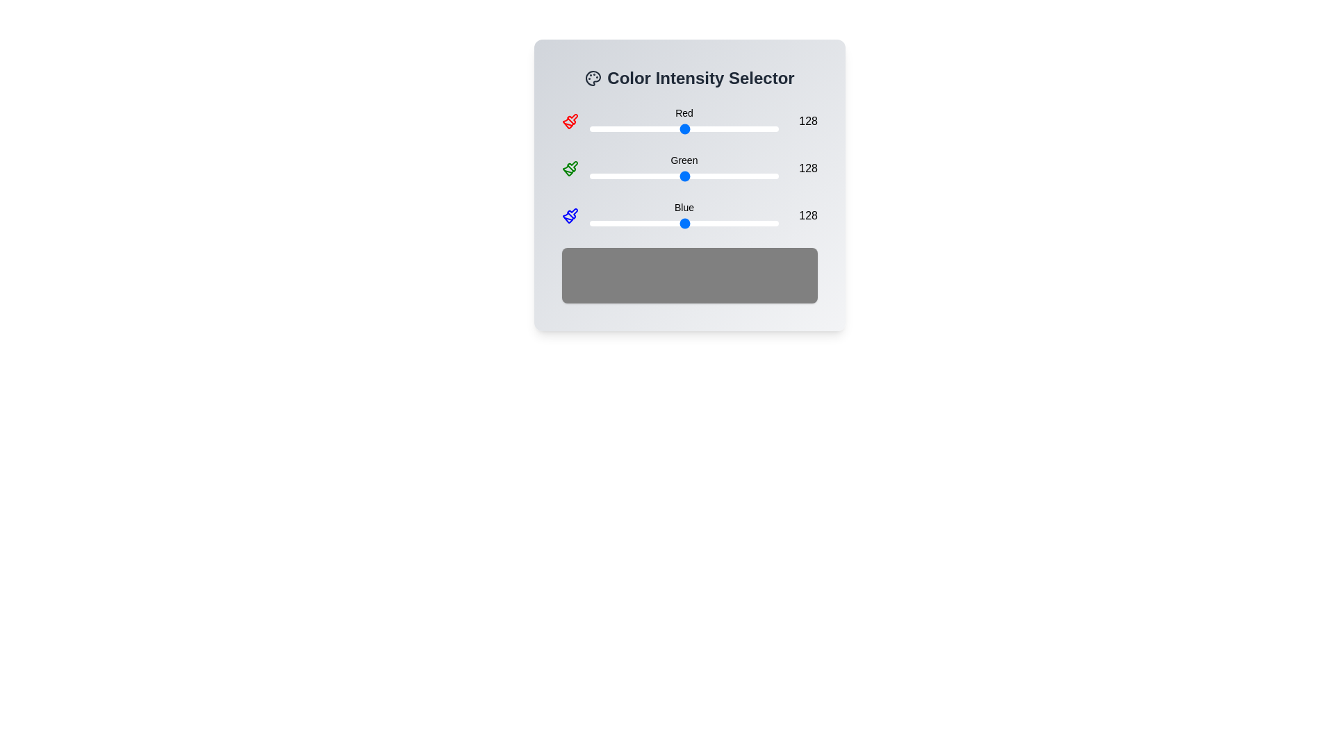  Describe the element at coordinates (741, 176) in the screenshot. I see `the green color intensity` at that location.